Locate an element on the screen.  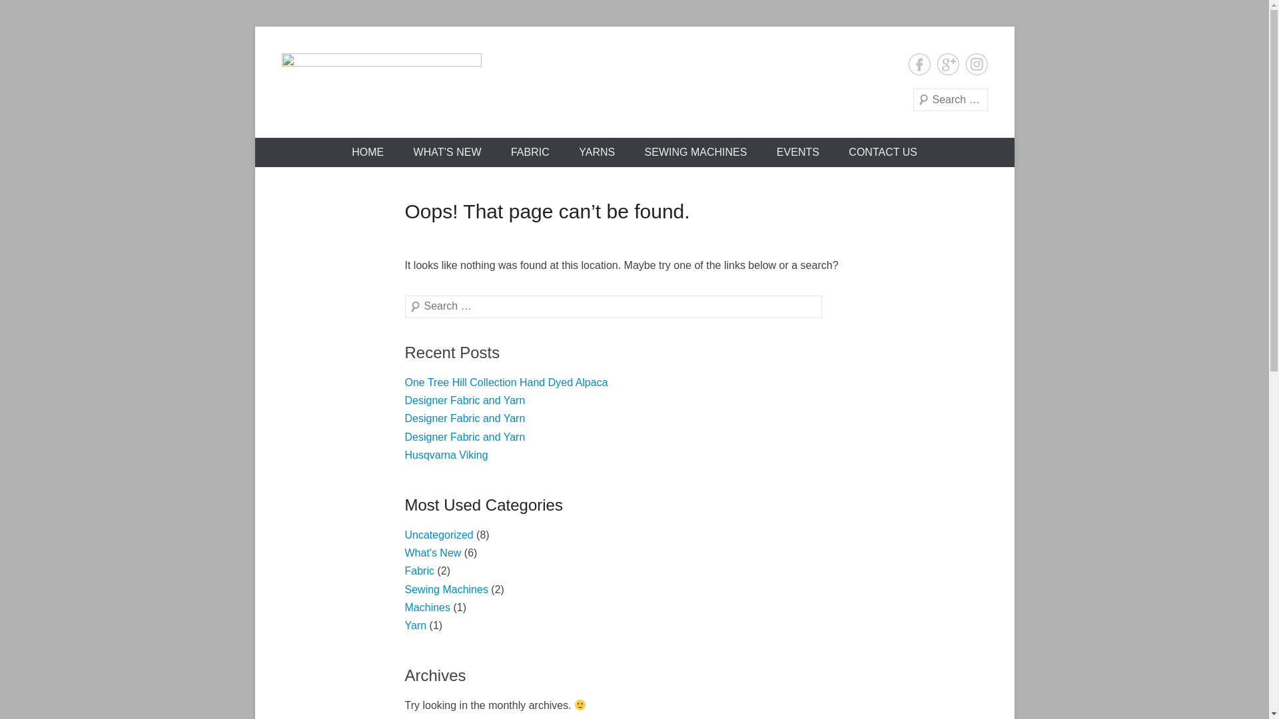
'Designer Fabric and Yarn' is located at coordinates (465, 417).